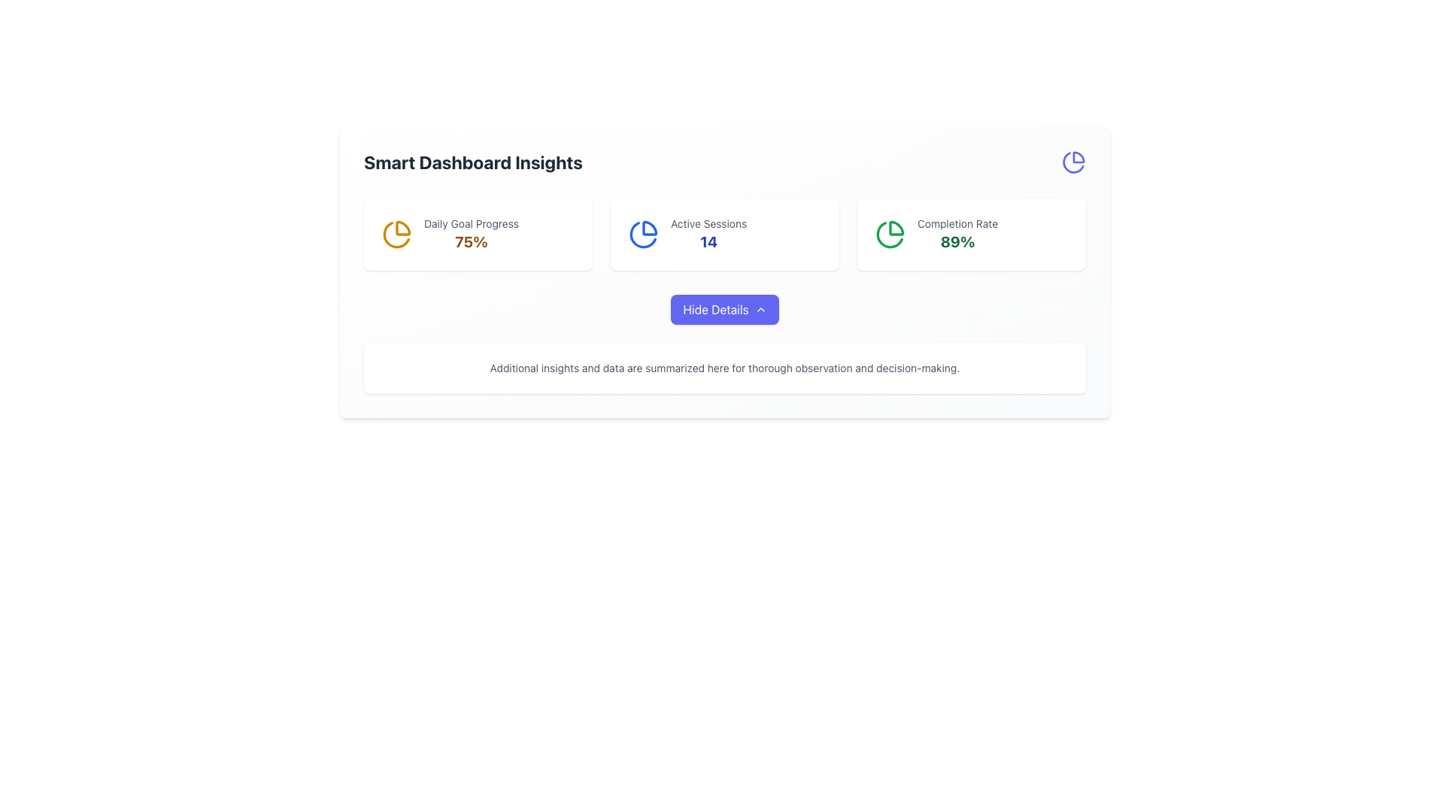 The image size is (1444, 812). What do you see at coordinates (708, 241) in the screenshot?
I see `the bold, blue-colored text displaying the number '14' located in the center of the 'Active Sessions' card, which is directly below the text 'Active Sessions'` at bounding box center [708, 241].